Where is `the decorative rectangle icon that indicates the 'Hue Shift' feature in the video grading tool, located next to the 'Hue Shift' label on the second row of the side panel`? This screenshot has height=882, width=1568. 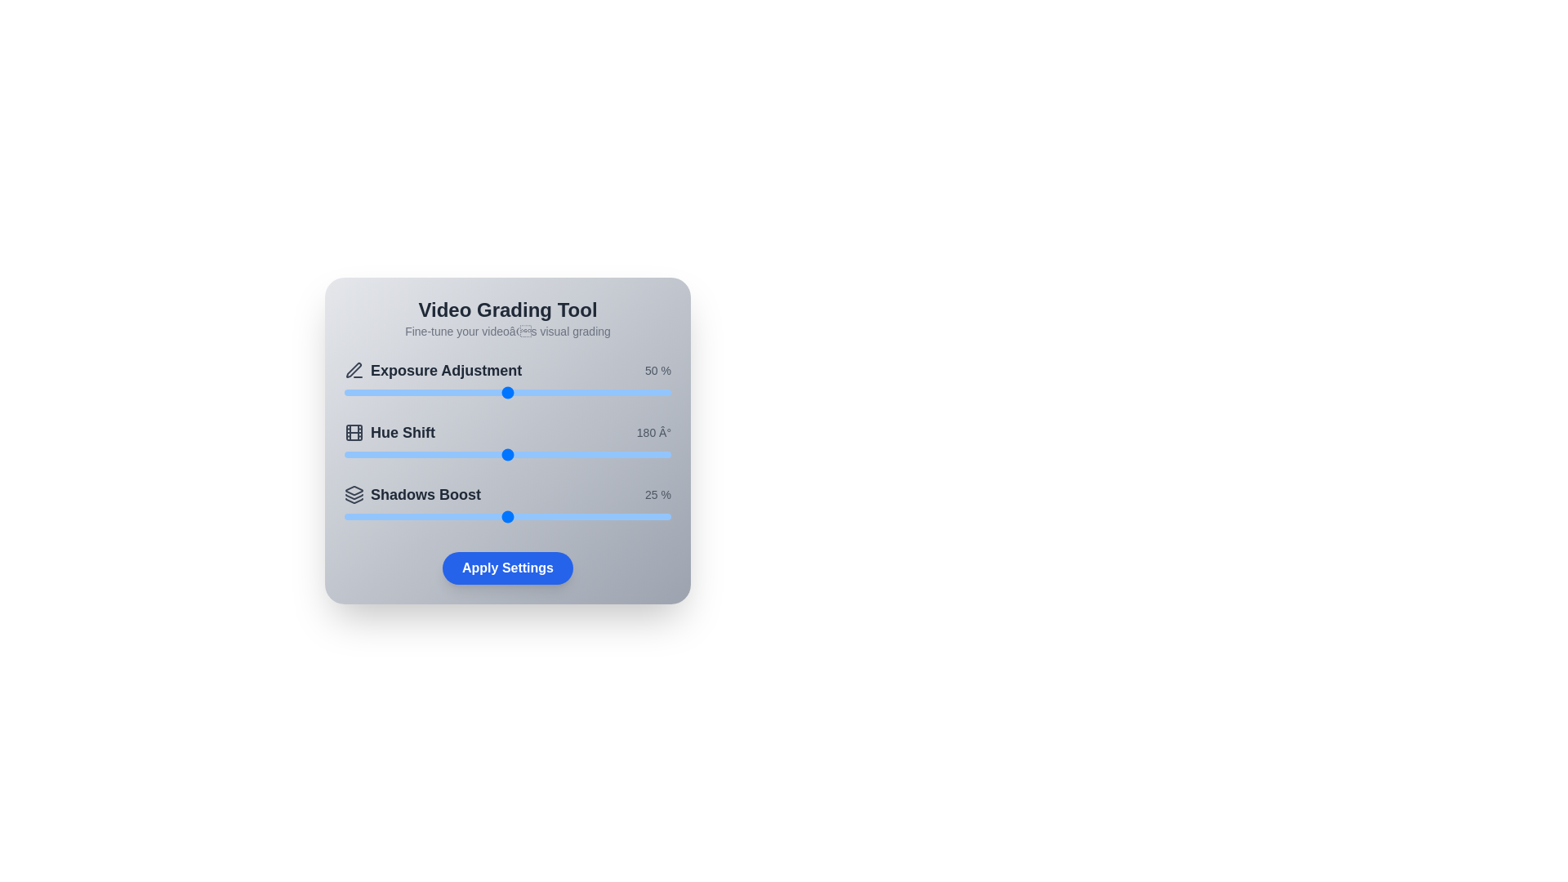
the decorative rectangle icon that indicates the 'Hue Shift' feature in the video grading tool, located next to the 'Hue Shift' label on the second row of the side panel is located at coordinates (353, 431).